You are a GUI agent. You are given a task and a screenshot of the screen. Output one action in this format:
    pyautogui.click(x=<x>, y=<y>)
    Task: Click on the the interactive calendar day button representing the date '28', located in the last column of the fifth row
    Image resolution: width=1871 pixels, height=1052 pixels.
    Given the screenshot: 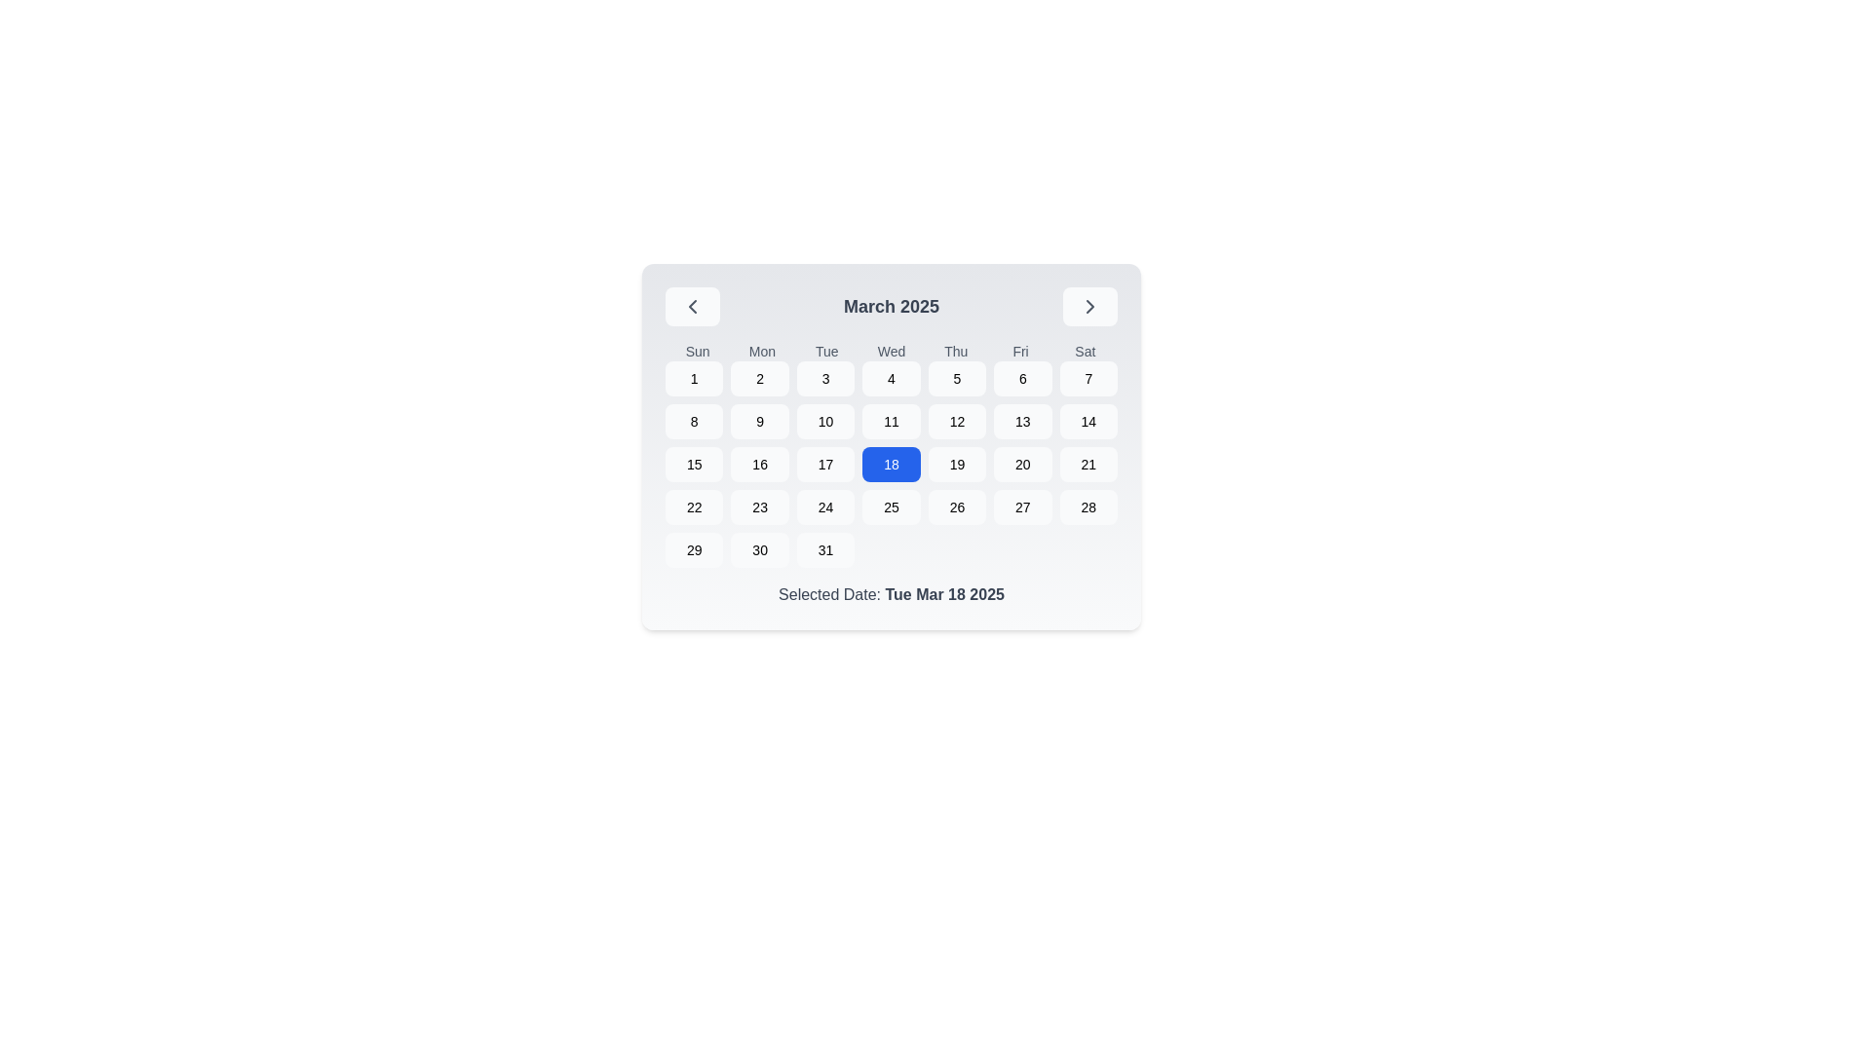 What is the action you would take?
    pyautogui.click(x=1088, y=506)
    